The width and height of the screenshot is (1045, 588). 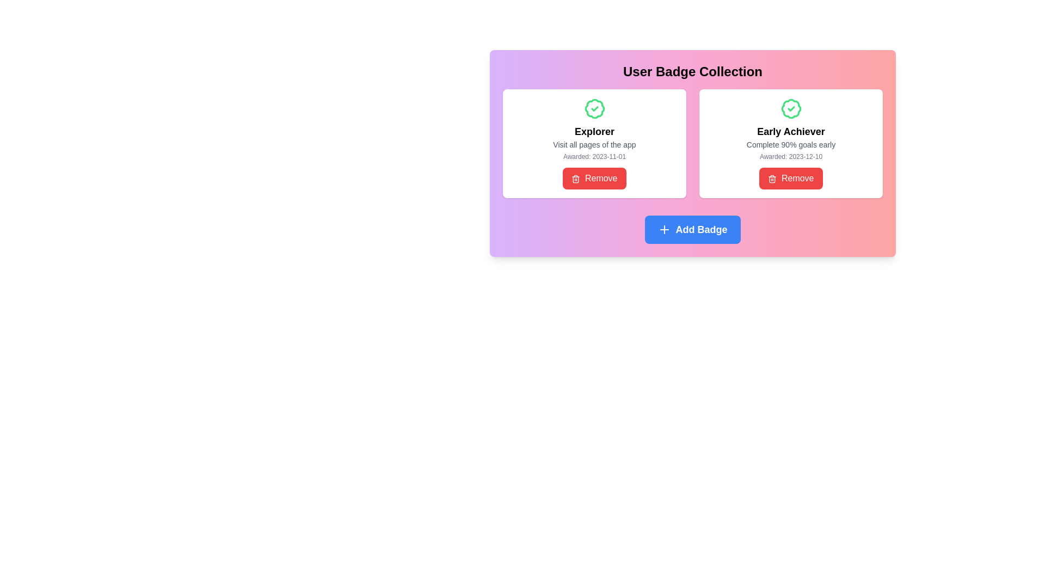 What do you see at coordinates (594, 144) in the screenshot?
I see `the text label displaying 'Visit all pages of the app', which is located in the 'Explorer' card in the top-left section of the user badge collection layout` at bounding box center [594, 144].